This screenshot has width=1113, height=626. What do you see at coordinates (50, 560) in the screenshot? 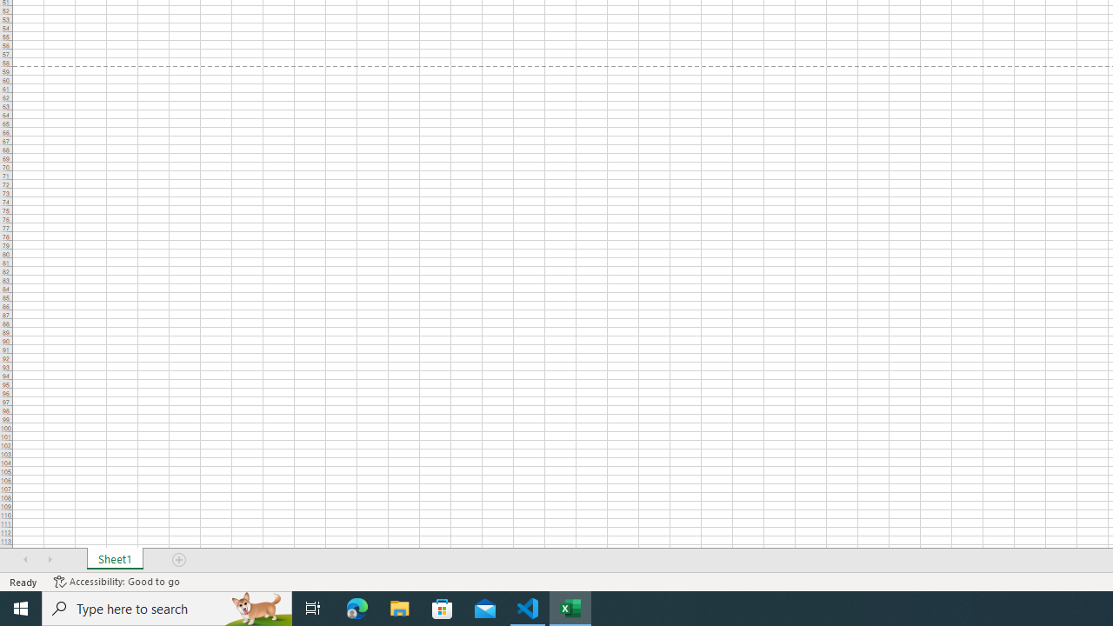
I see `'Scroll Right'` at bounding box center [50, 560].